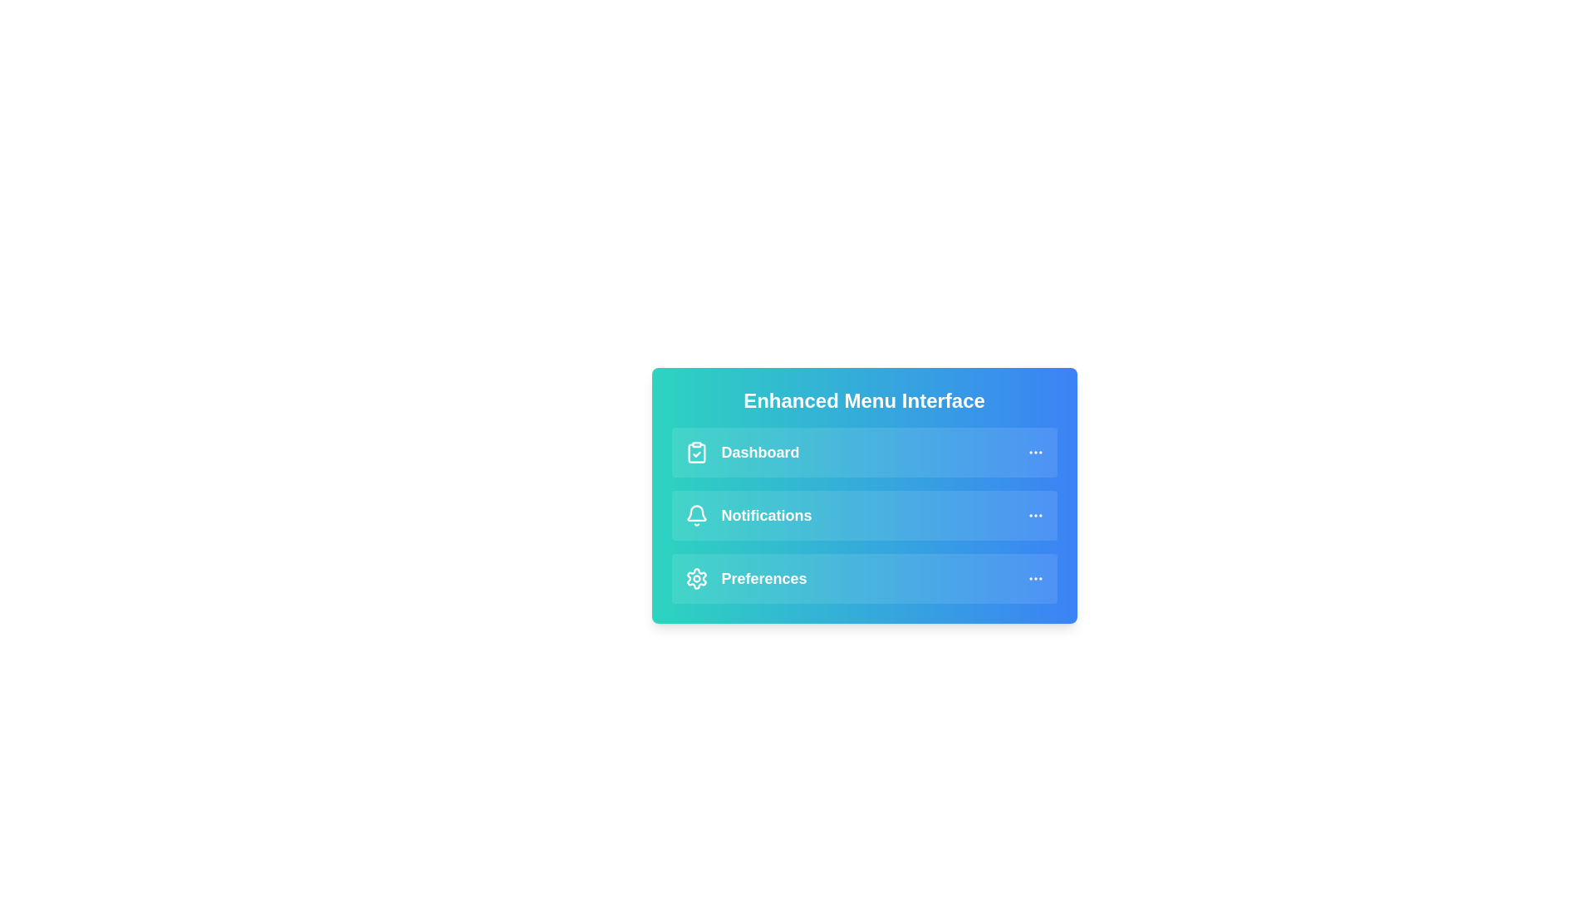  What do you see at coordinates (864, 578) in the screenshot?
I see `the 'Preferences' button located at the bottom of the Enhanced Menu Interface` at bounding box center [864, 578].